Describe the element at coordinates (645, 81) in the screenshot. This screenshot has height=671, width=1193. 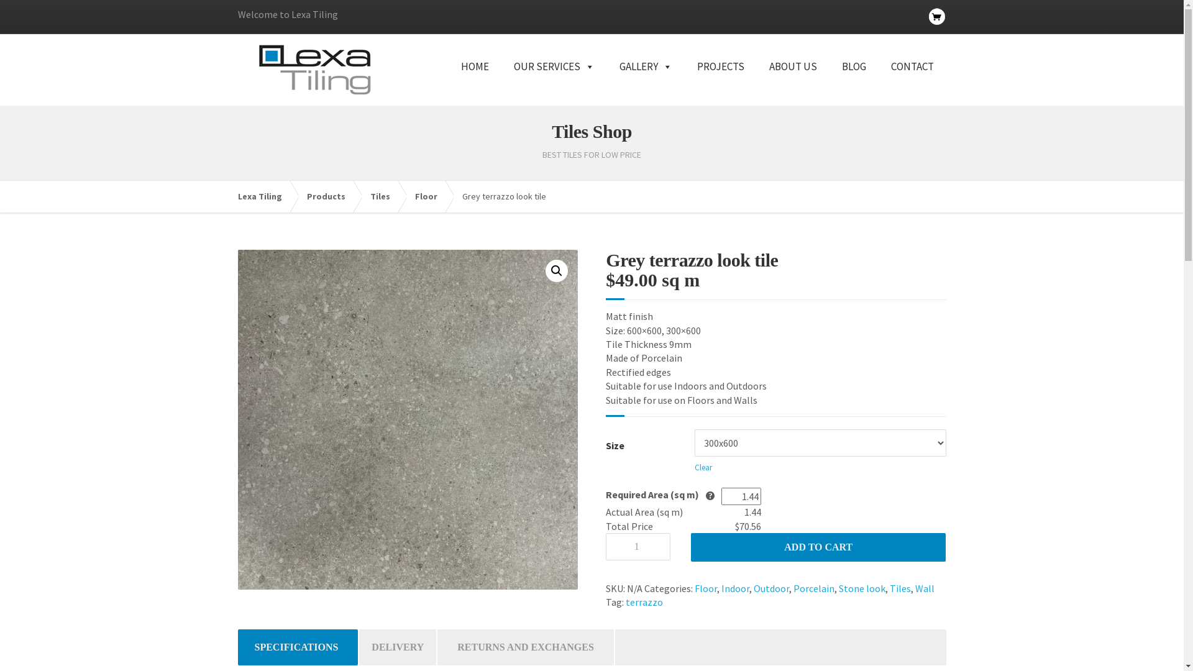
I see `'GALLERY'` at that location.